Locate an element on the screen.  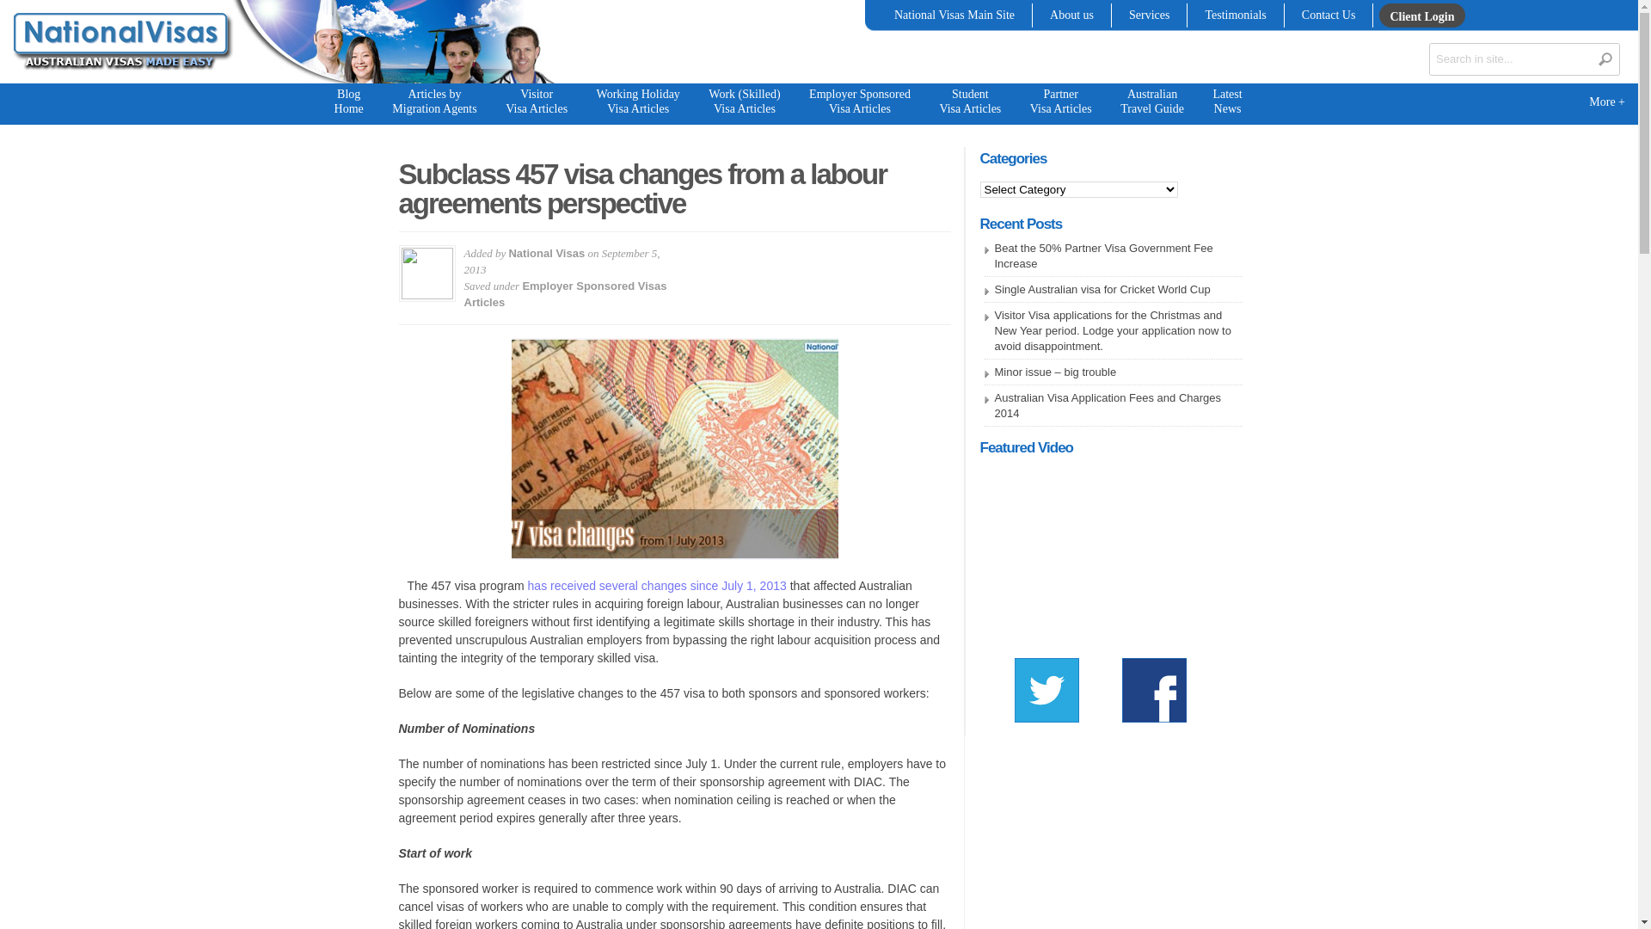
'Beat the 50% Partner Visa Government Fee Increase' is located at coordinates (1102, 255).